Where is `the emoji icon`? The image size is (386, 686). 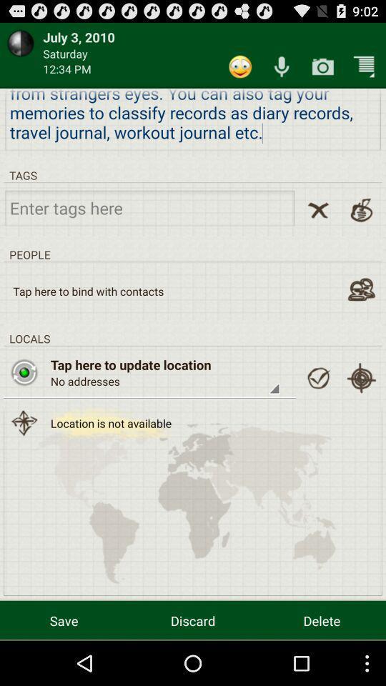
the emoji icon is located at coordinates (240, 71).